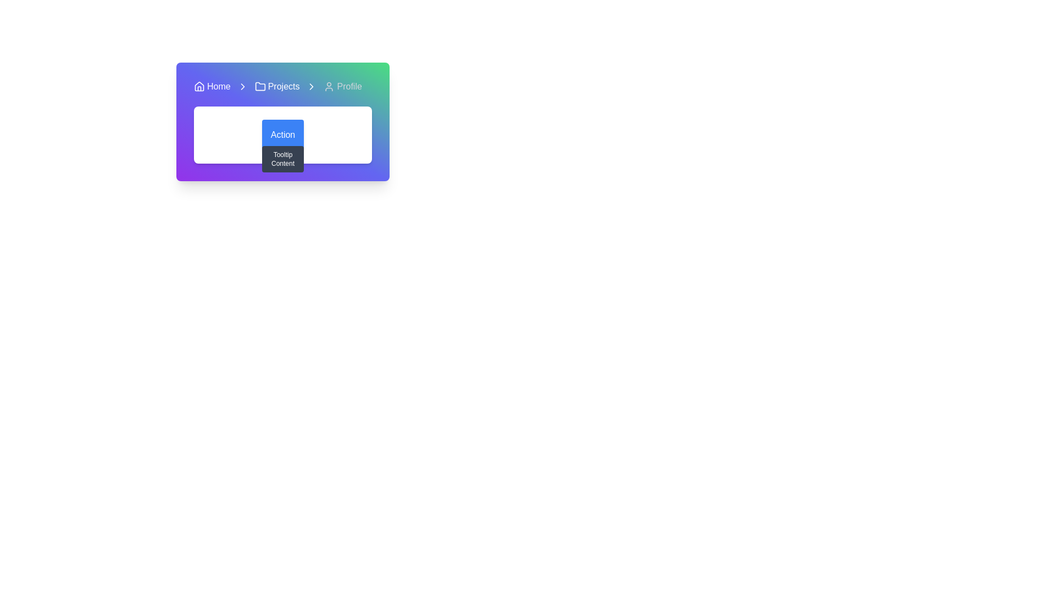  I want to click on text content of the tooltip displaying 'Tooltip Content', which has a dark gray background and is positioned below the 'Action' button, so click(282, 159).